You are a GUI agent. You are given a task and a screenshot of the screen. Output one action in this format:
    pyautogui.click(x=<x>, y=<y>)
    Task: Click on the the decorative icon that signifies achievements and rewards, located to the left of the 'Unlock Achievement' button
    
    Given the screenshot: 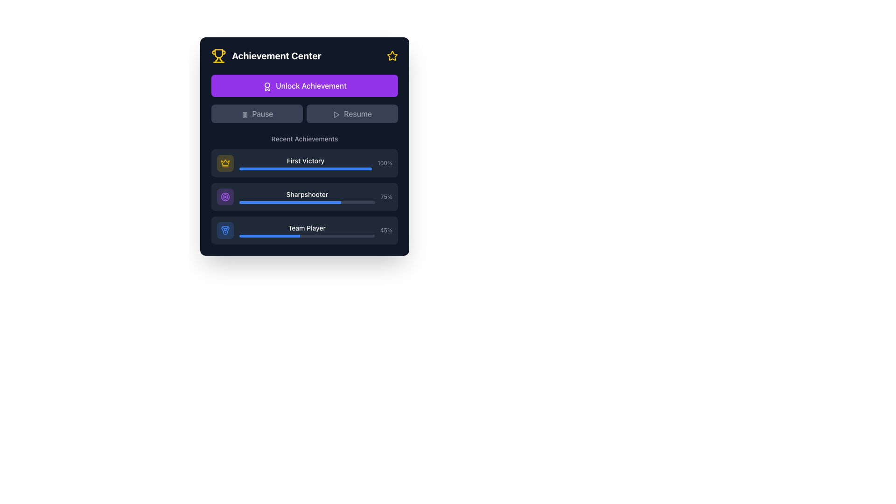 What is the action you would take?
    pyautogui.click(x=267, y=86)
    